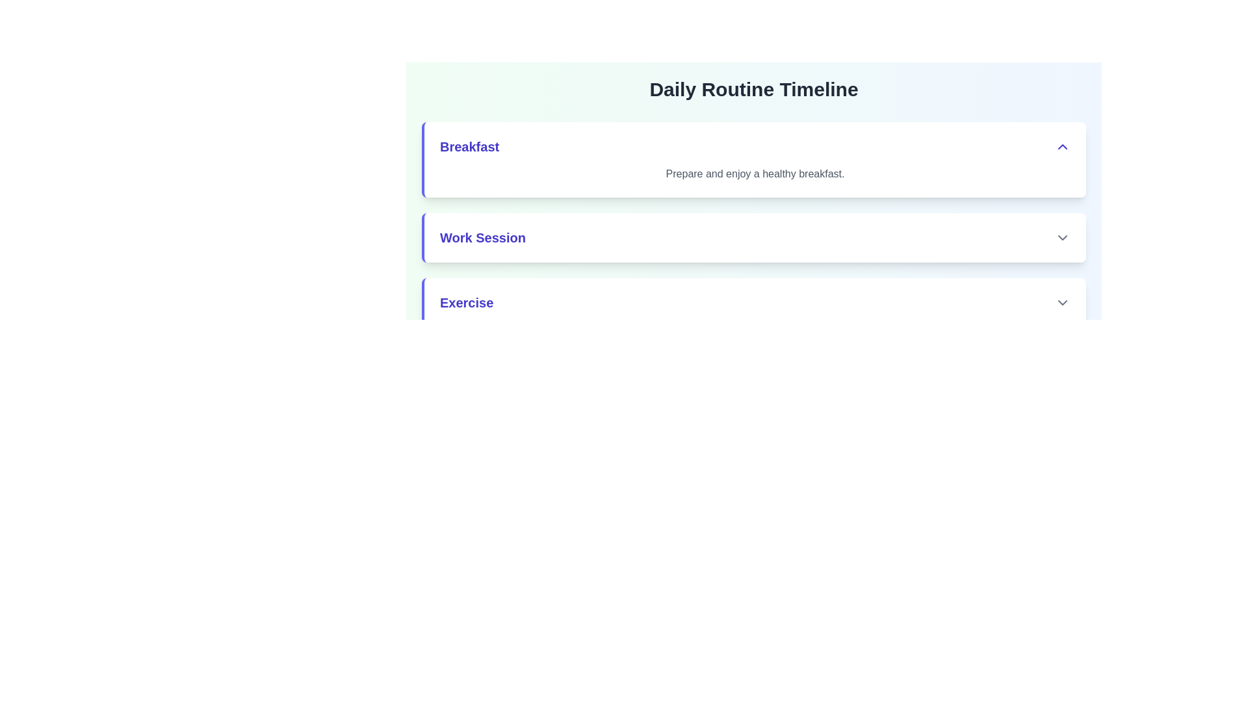  I want to click on the text element displaying 'Prepare and enjoy a healthy breakfast.' which is located under the bold label 'Breakfast', so click(755, 173).